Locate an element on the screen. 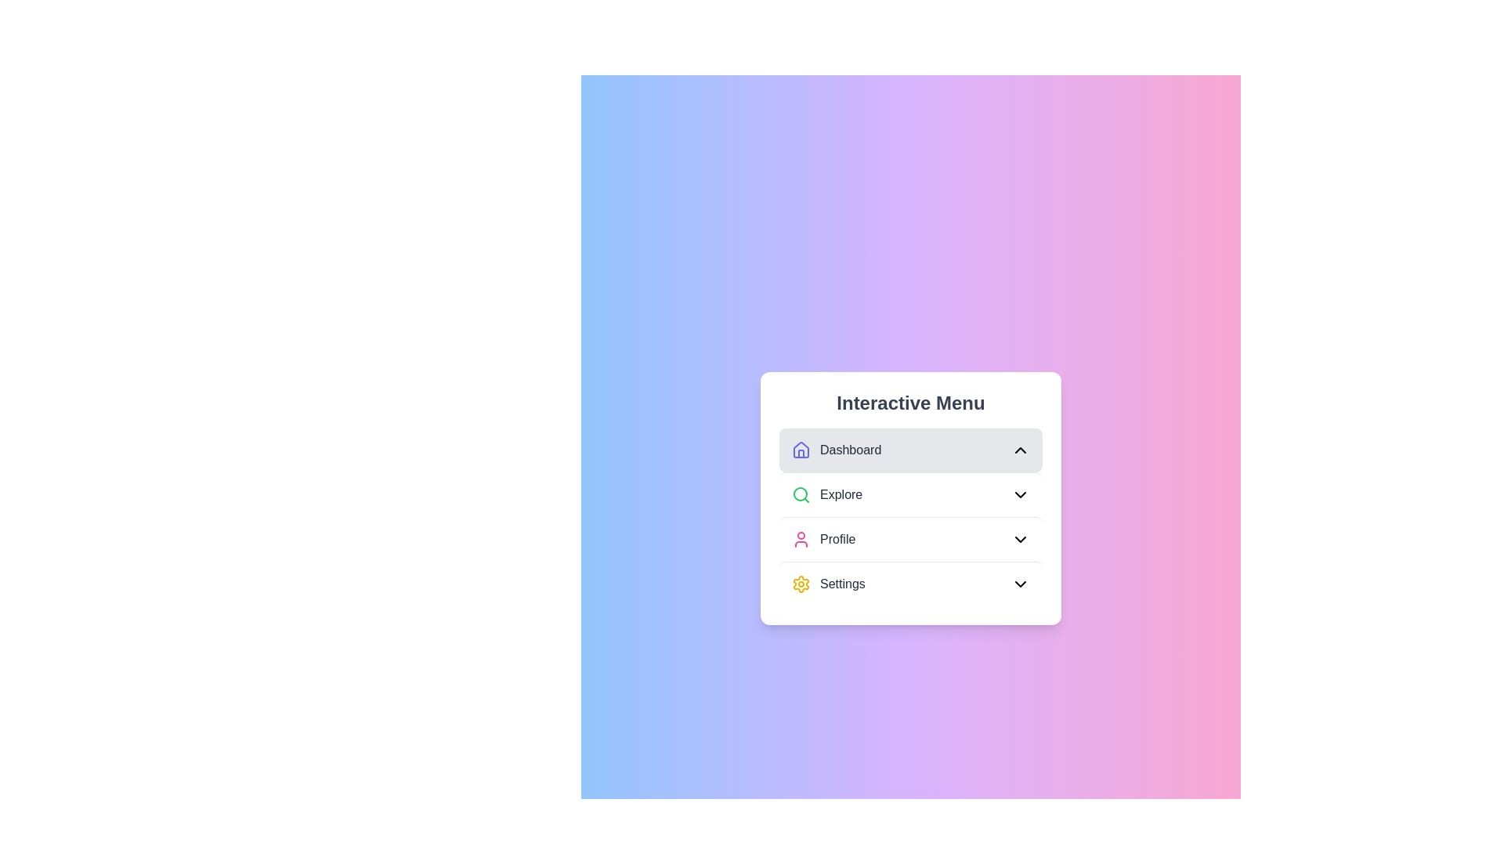 This screenshot has width=1504, height=846. the menu item Profile to activate it is located at coordinates (910, 537).